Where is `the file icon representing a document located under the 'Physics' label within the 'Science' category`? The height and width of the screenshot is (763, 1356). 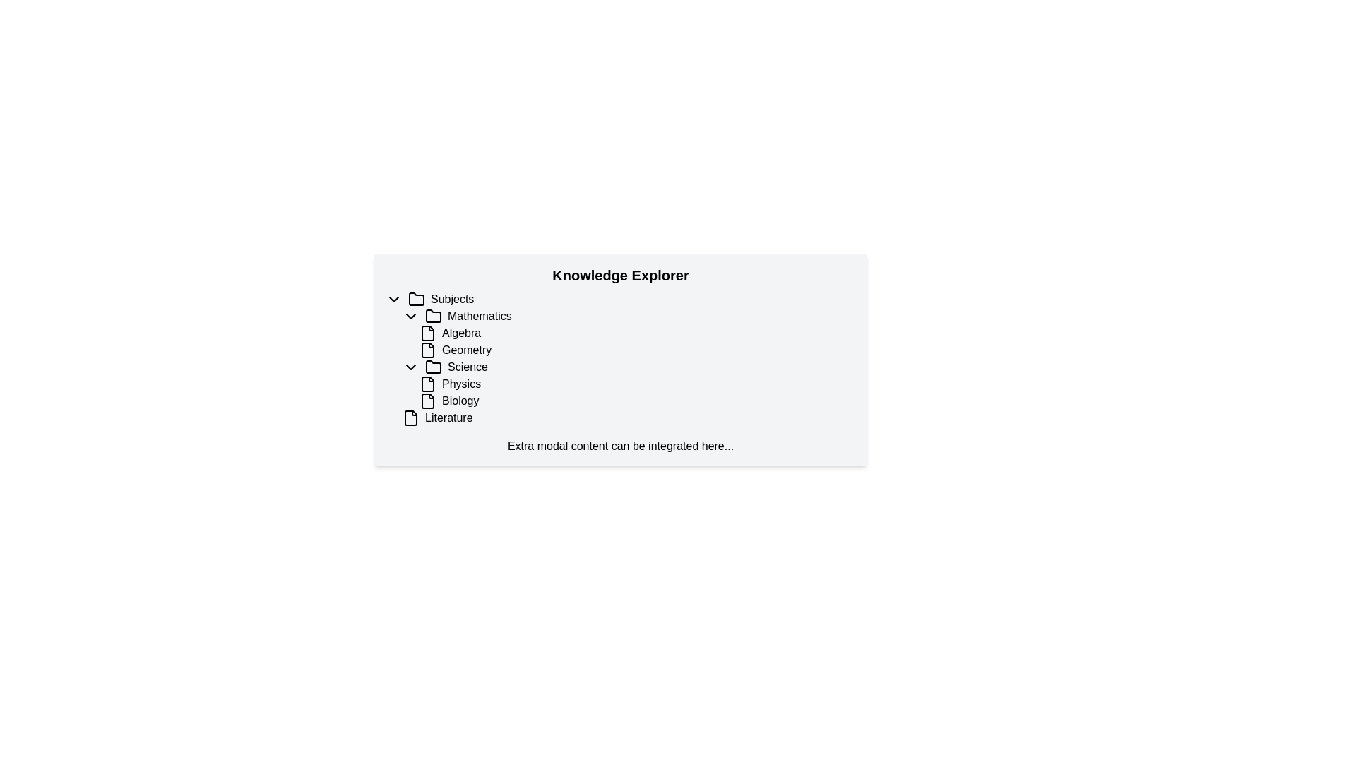 the file icon representing a document located under the 'Physics' label within the 'Science' category is located at coordinates (427, 384).